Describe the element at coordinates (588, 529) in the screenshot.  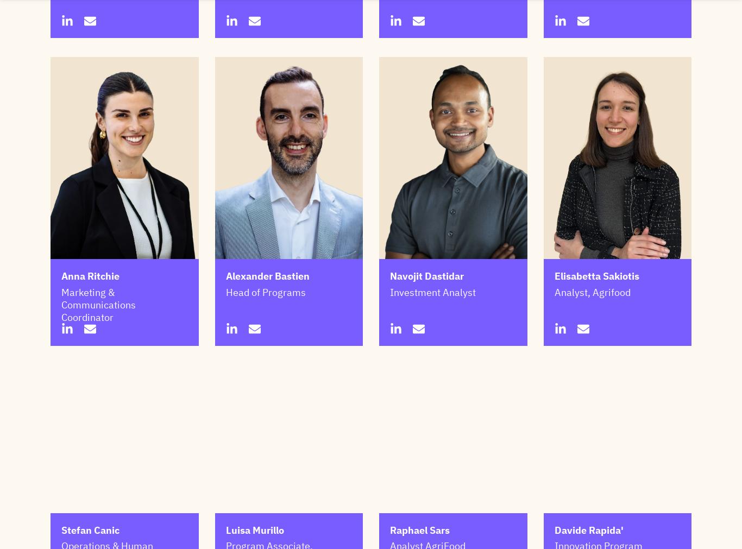
I see `'Davide Rapida''` at that location.